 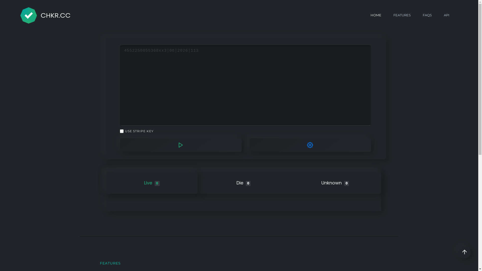 I want to click on 'FAQS', so click(x=427, y=15).